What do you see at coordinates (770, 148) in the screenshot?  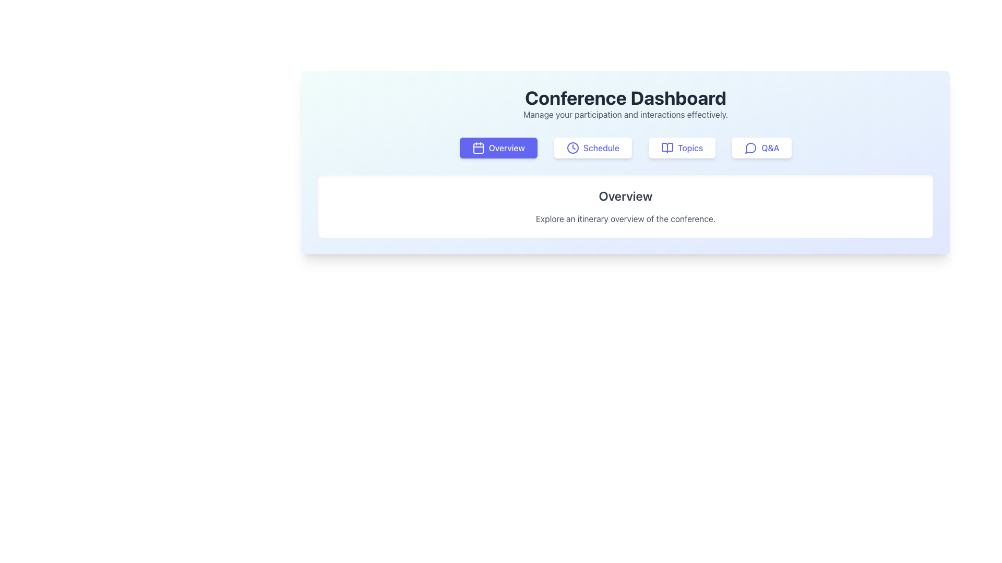 I see `text 'Q&A' displayed in a medium-weight font on a white background, located on the top-right of the navigation section next to a speech bubble icon` at bounding box center [770, 148].